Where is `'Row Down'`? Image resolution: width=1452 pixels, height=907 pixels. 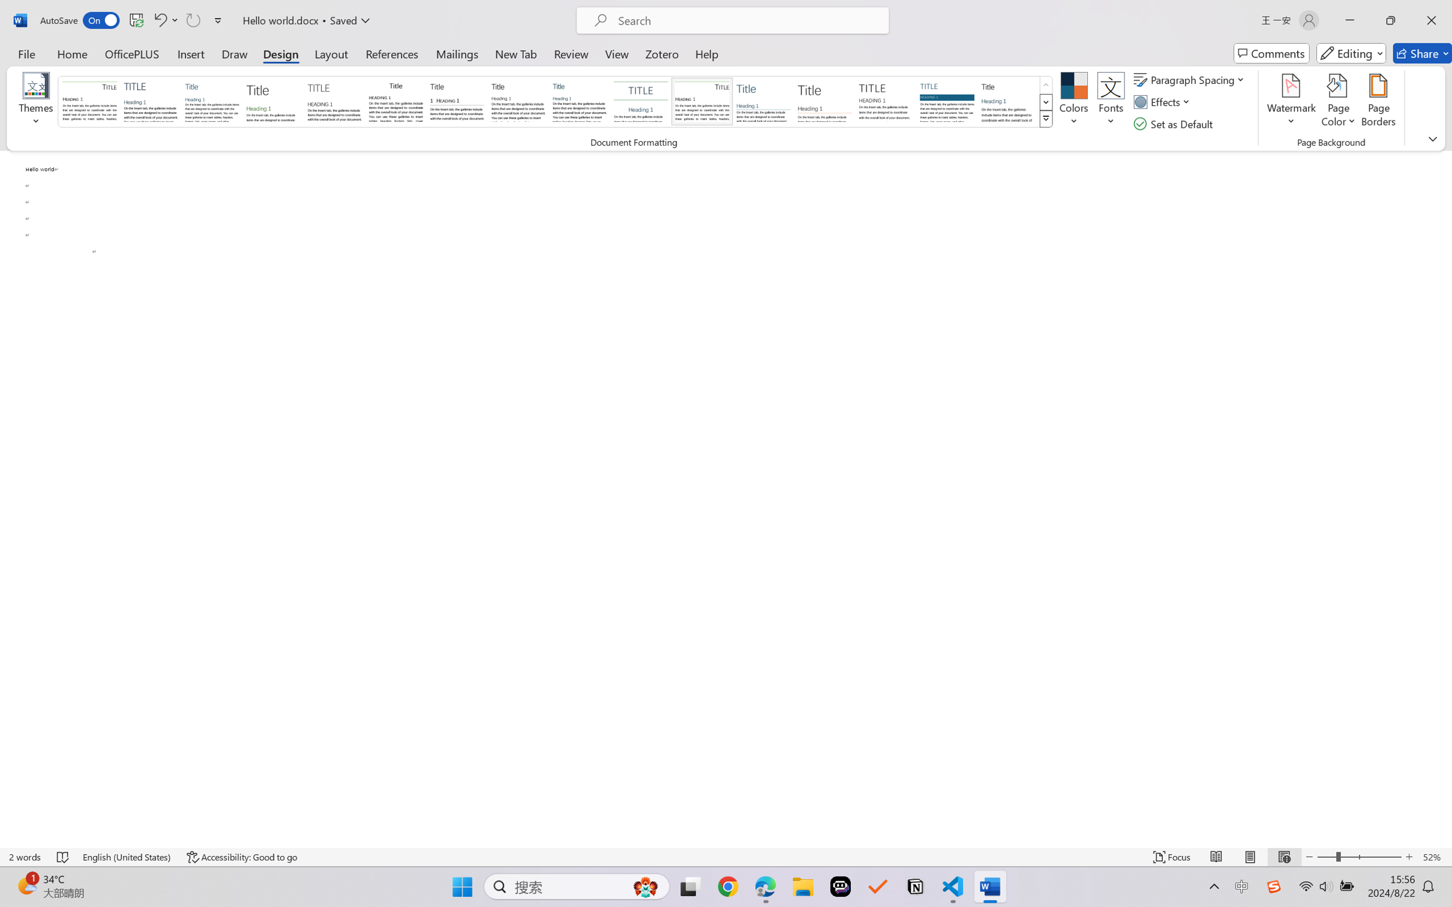
'Row Down' is located at coordinates (1045, 102).